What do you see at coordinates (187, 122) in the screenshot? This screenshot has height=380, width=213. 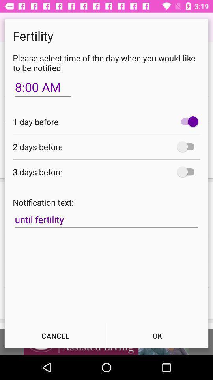 I see `alarm` at bounding box center [187, 122].